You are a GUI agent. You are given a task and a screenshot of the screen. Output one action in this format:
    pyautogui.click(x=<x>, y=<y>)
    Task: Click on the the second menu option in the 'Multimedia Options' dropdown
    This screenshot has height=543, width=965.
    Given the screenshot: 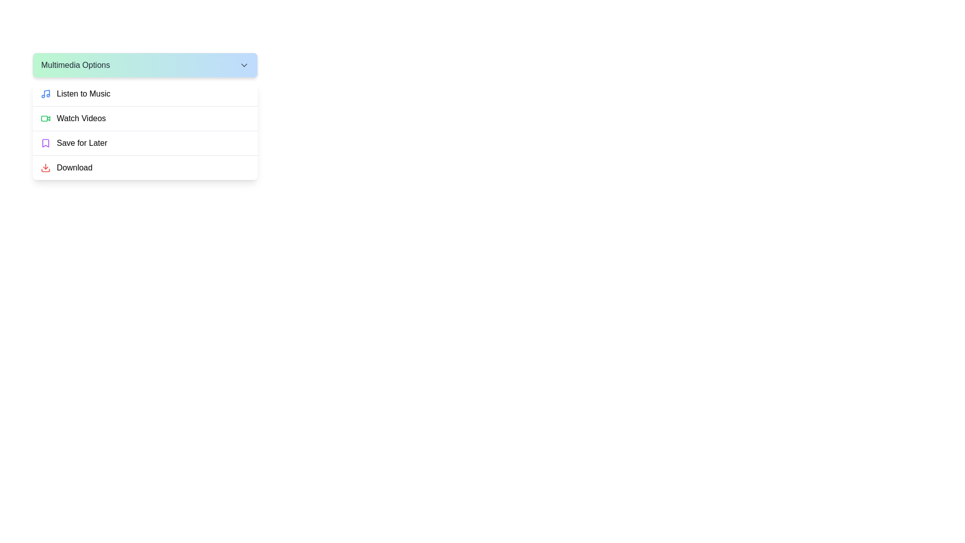 What is the action you would take?
    pyautogui.click(x=144, y=118)
    